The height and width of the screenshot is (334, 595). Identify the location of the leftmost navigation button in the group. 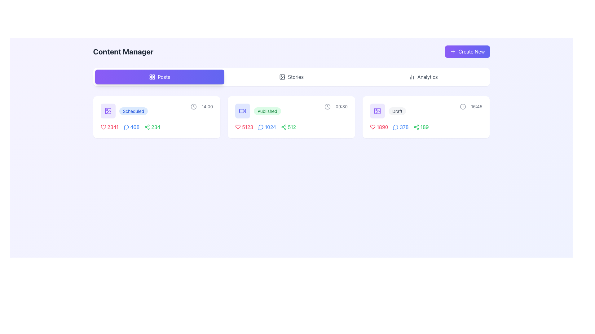
(160, 77).